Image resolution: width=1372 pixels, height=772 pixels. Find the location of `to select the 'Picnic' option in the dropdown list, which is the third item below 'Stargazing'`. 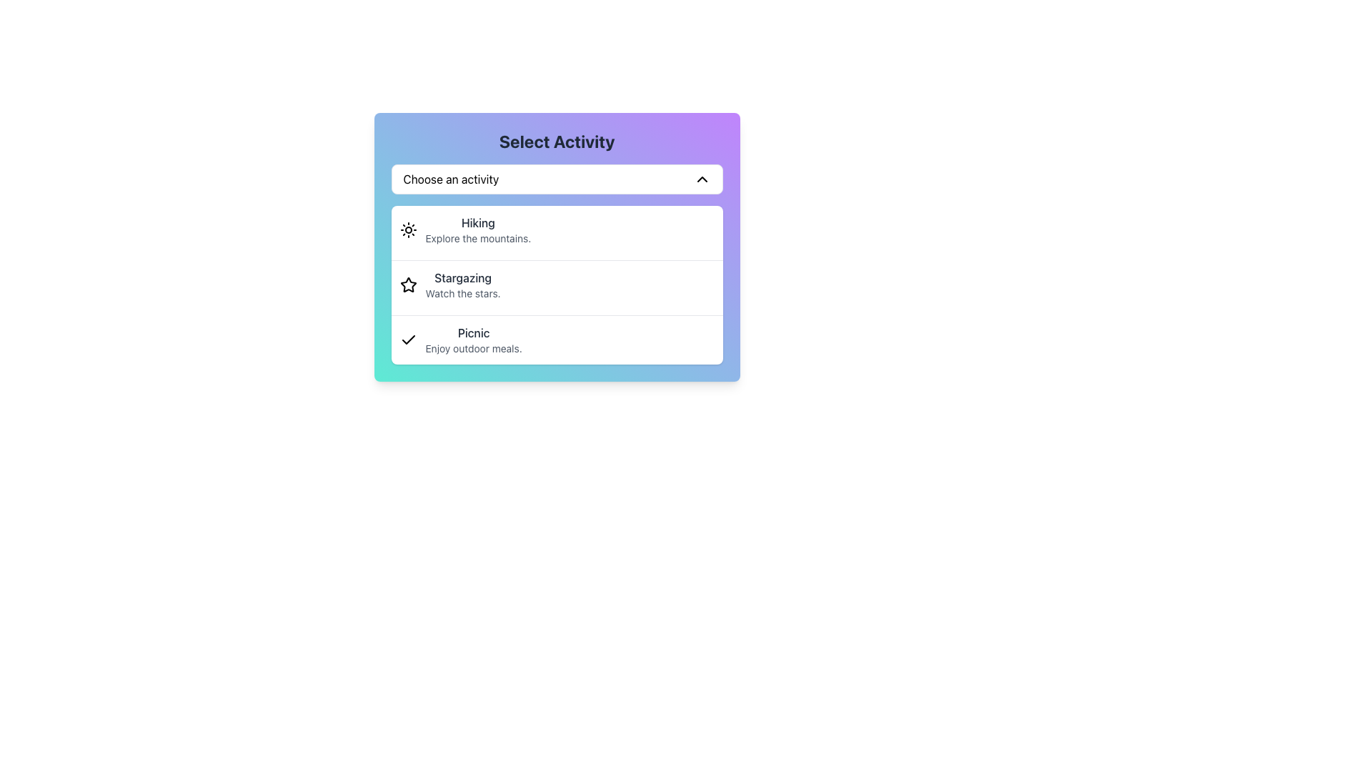

to select the 'Picnic' option in the dropdown list, which is the third item below 'Stargazing' is located at coordinates (556, 340).